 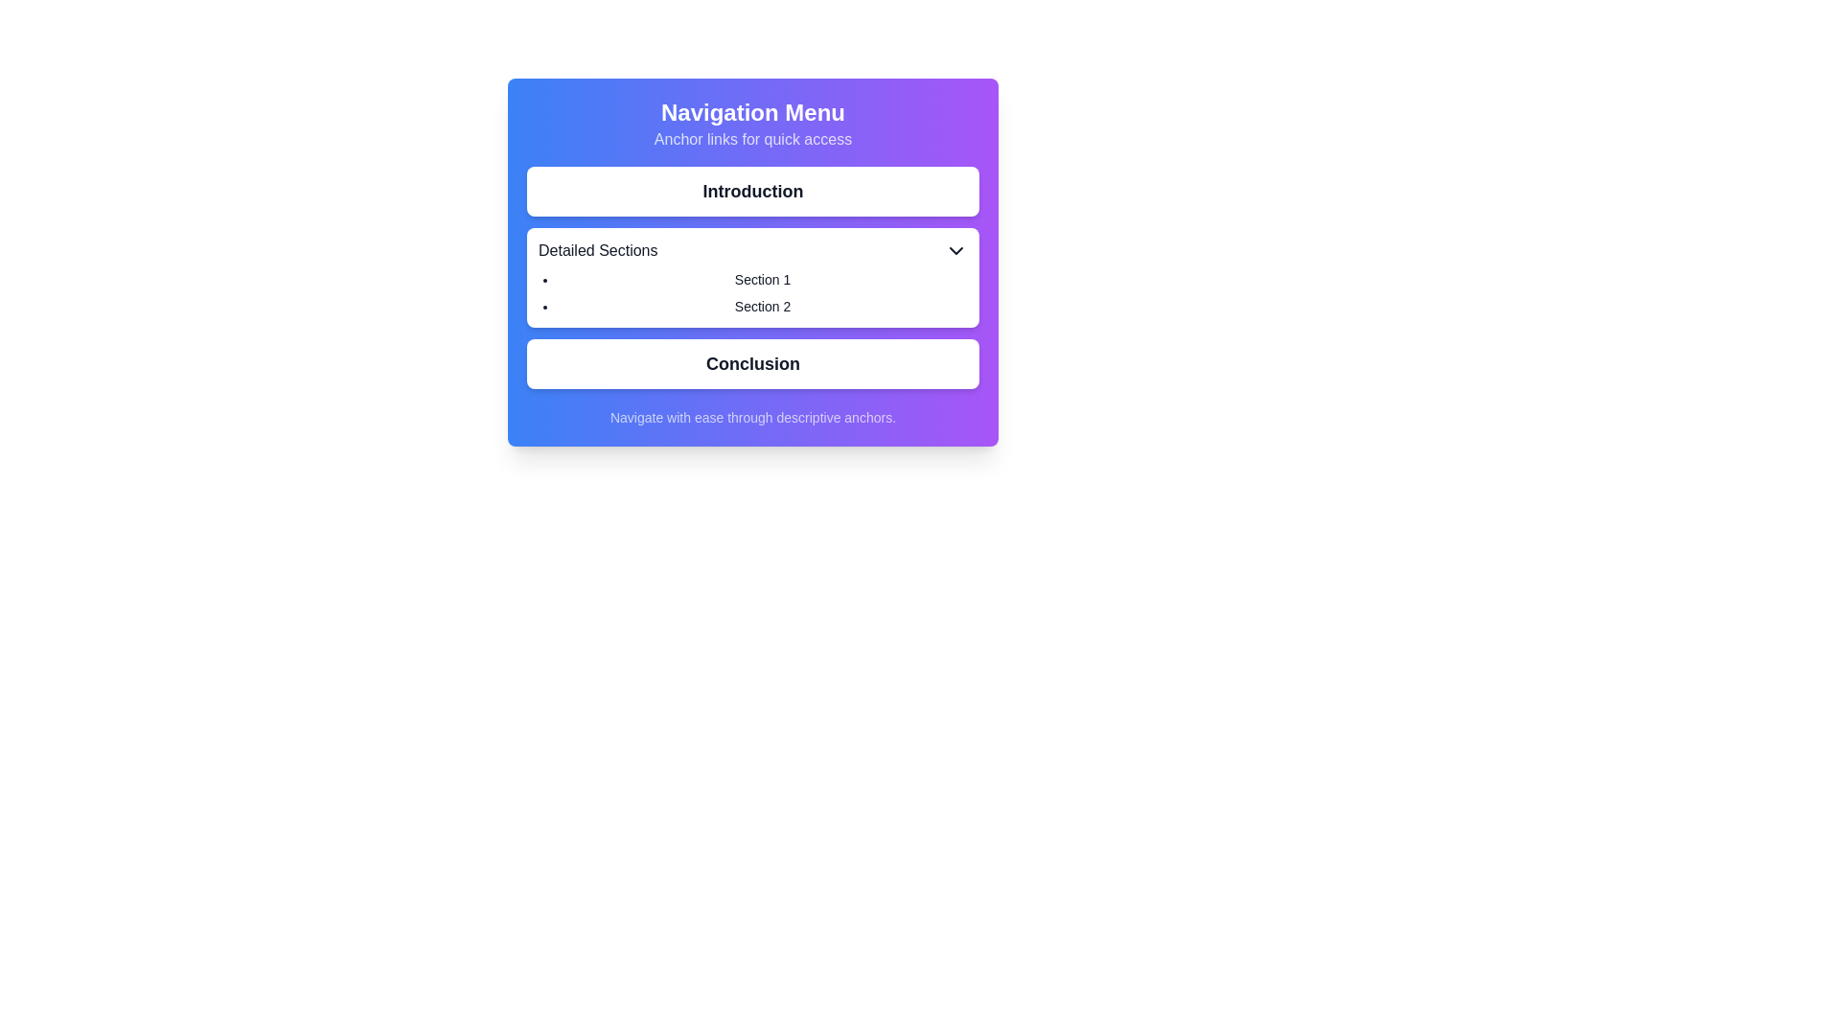 I want to click on the Dropdown indicator icon located to the right of the text 'Detailed Sections', so click(x=956, y=250).